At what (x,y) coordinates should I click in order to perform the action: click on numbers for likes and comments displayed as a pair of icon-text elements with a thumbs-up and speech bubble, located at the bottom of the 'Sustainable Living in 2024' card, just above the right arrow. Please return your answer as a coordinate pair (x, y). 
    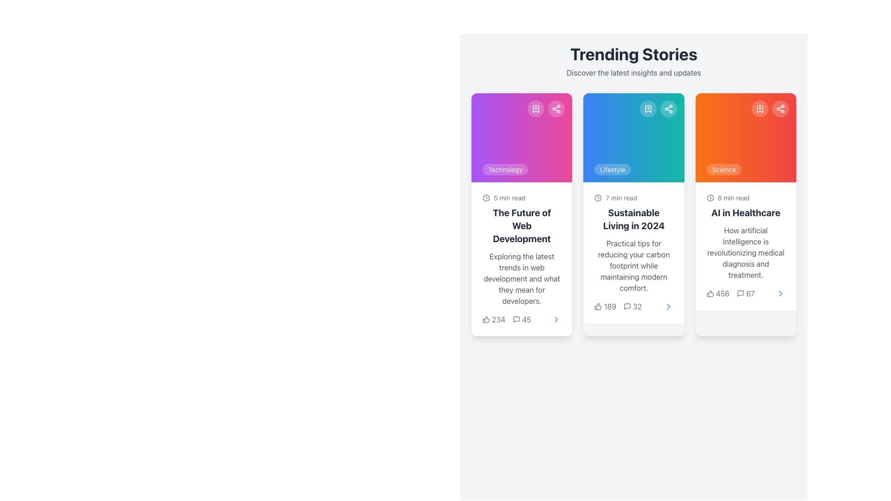
    Looking at the image, I should click on (633, 306).